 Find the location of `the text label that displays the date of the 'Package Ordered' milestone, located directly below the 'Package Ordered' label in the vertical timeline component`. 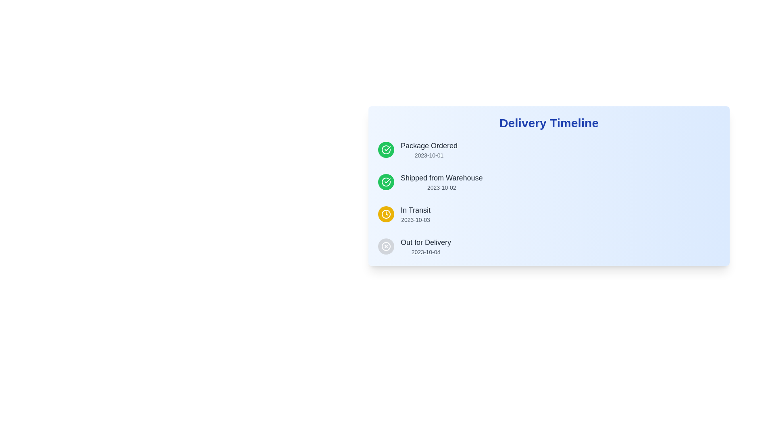

the text label that displays the date of the 'Package Ordered' milestone, located directly below the 'Package Ordered' label in the vertical timeline component is located at coordinates (429, 155).